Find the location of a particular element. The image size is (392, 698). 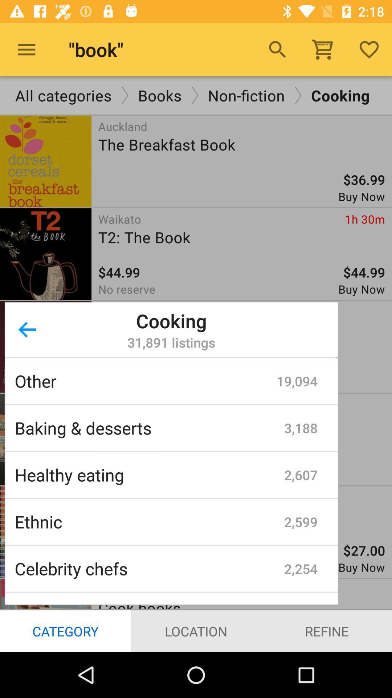

icon next to the 3,188 is located at coordinates (149, 428).